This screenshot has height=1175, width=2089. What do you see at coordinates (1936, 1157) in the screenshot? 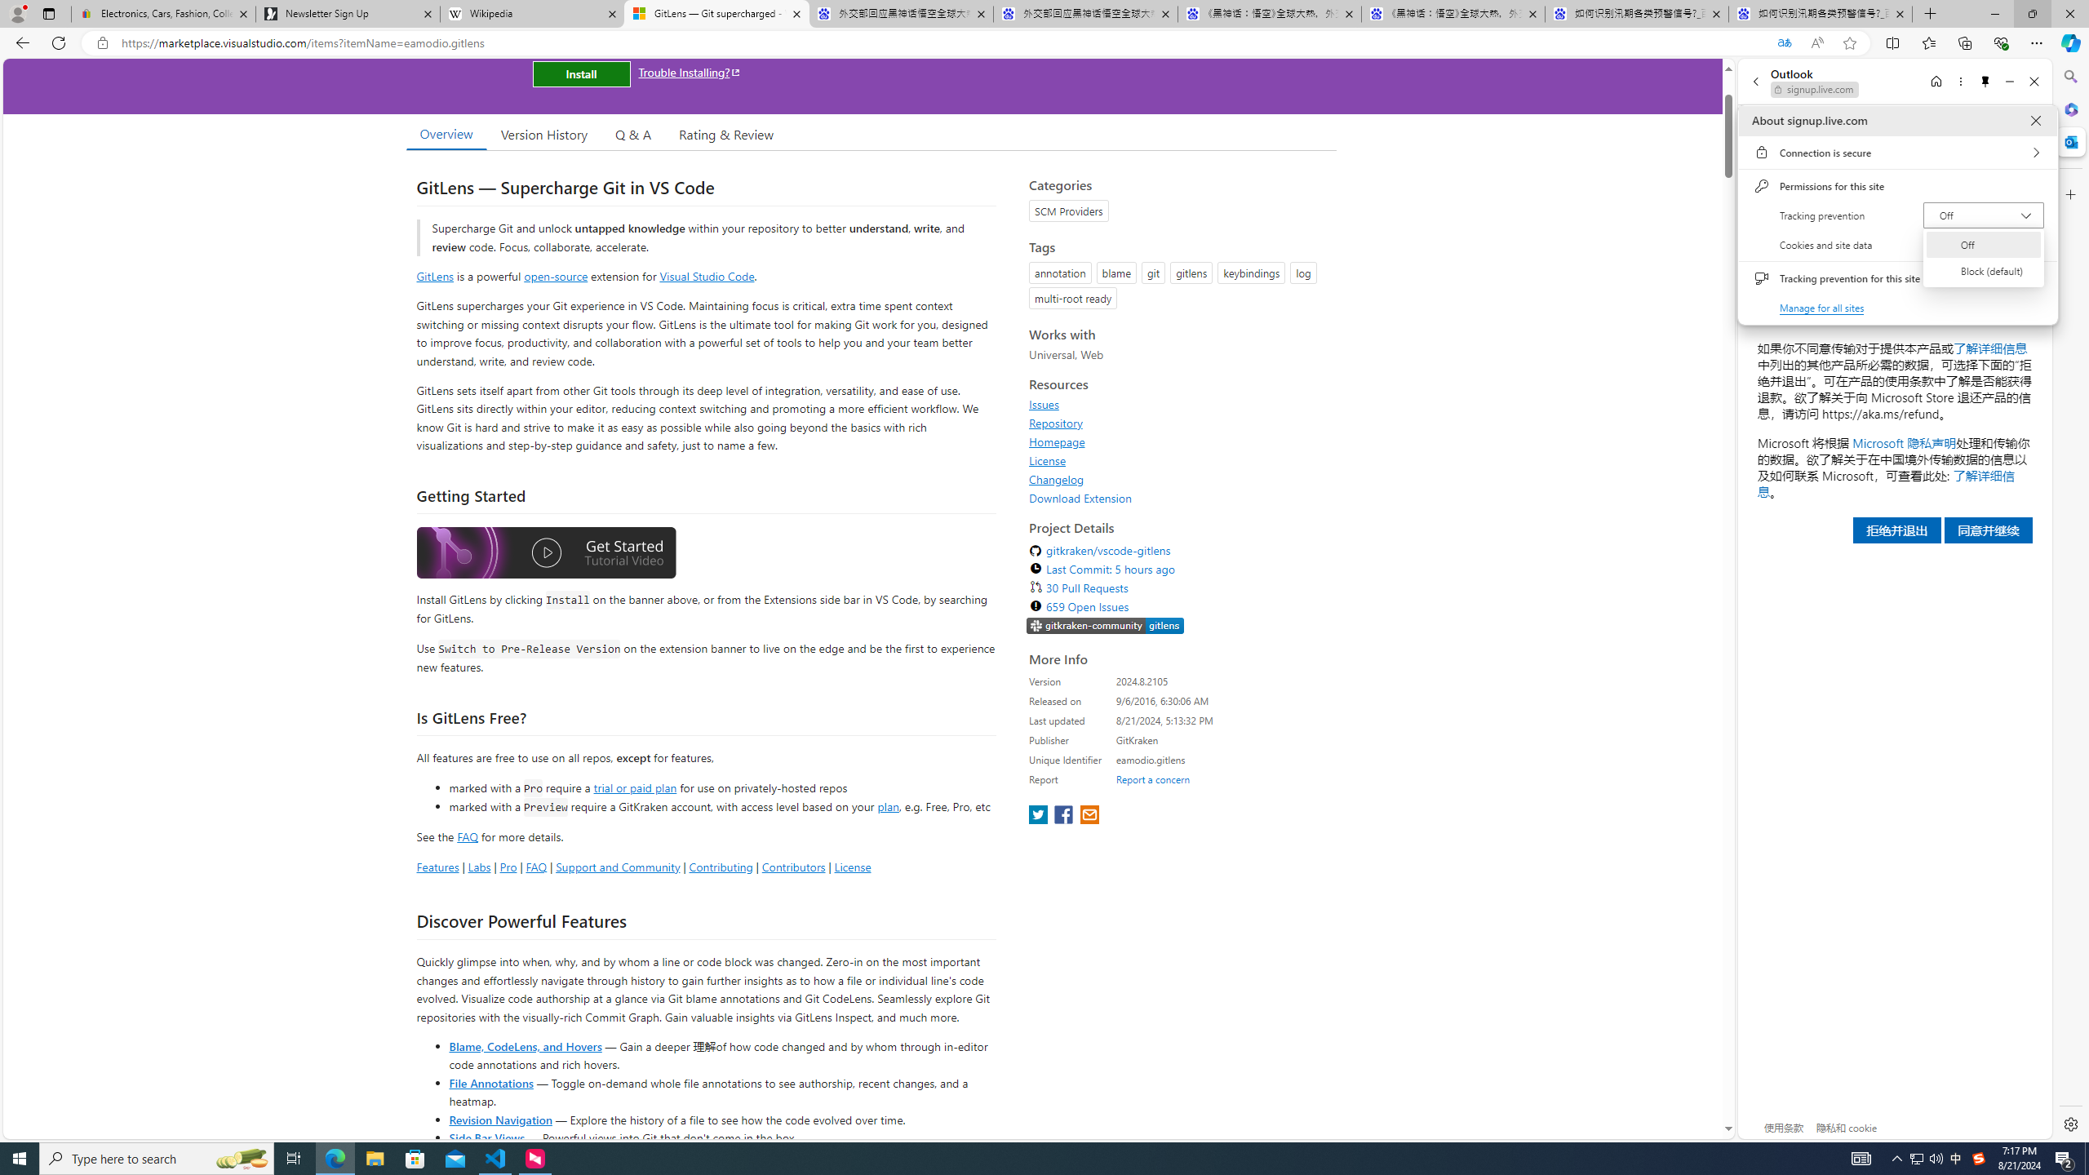
I see `'Q2790: 100%'` at bounding box center [1936, 1157].